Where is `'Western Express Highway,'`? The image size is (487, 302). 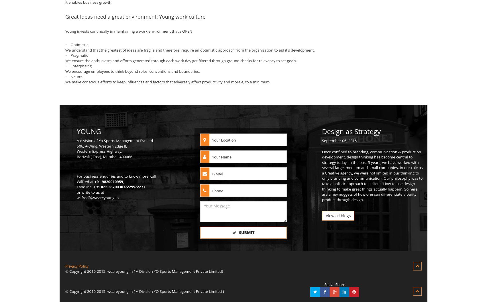
'Western Express Highway,' is located at coordinates (99, 151).